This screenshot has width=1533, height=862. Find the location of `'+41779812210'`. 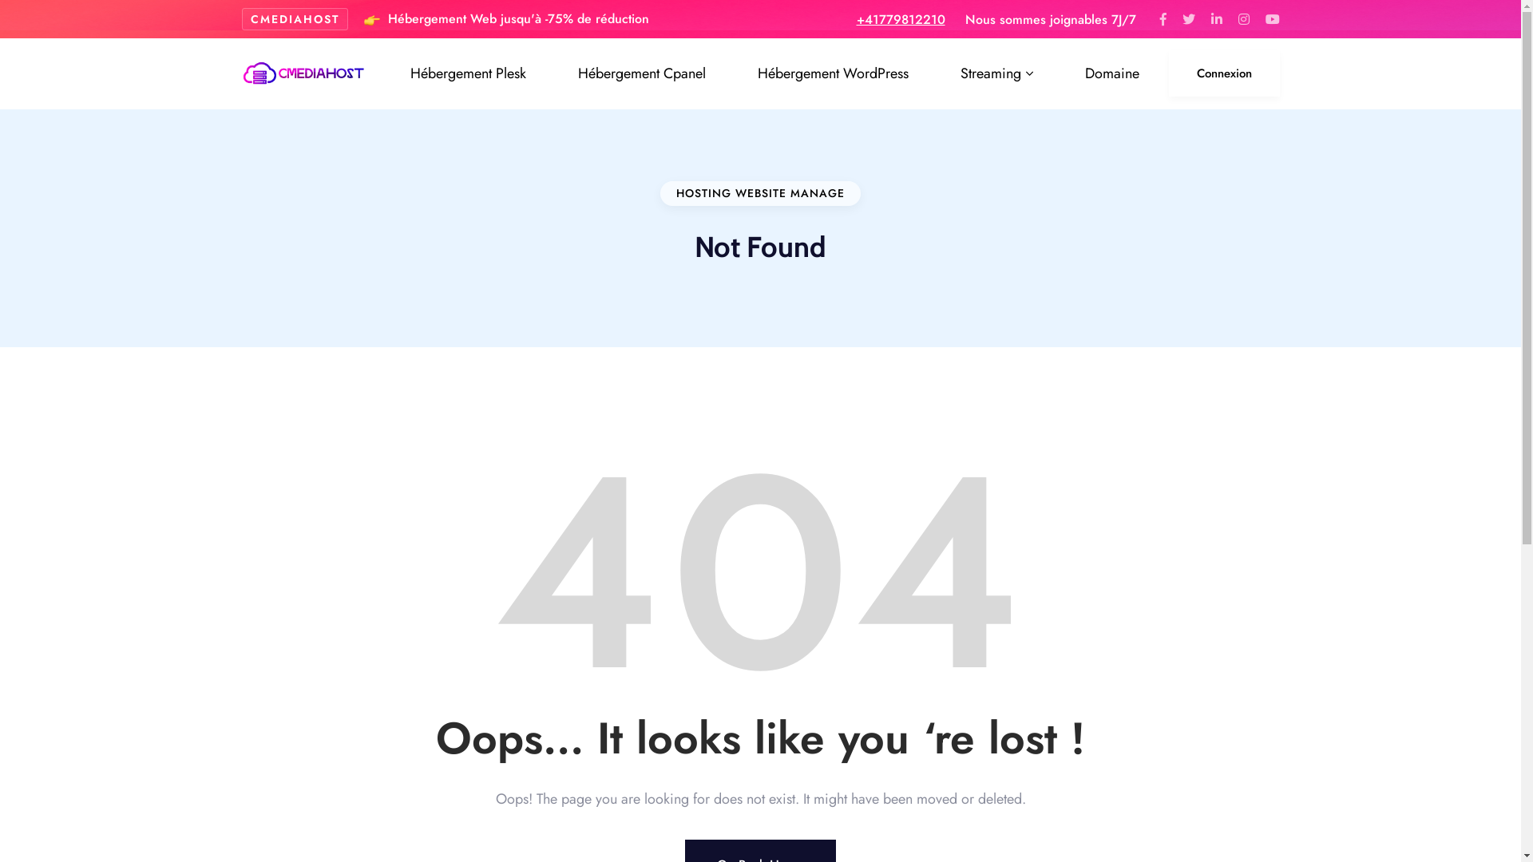

'+41779812210' is located at coordinates (900, 18).